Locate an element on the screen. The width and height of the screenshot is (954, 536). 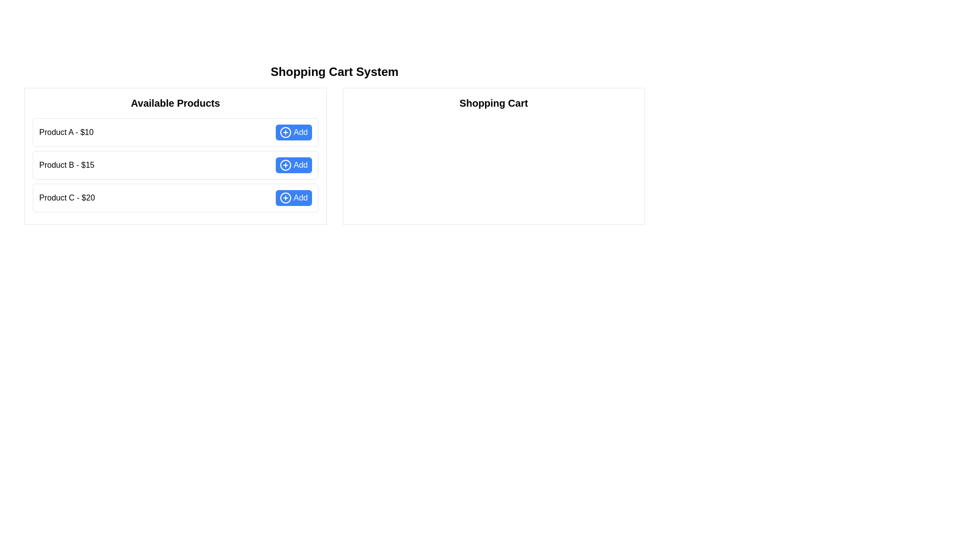
the interactive 'plus' button icon with a blue background and white '+' symbol located next to the third product listing ('Product C - $20') is located at coordinates (285, 198).